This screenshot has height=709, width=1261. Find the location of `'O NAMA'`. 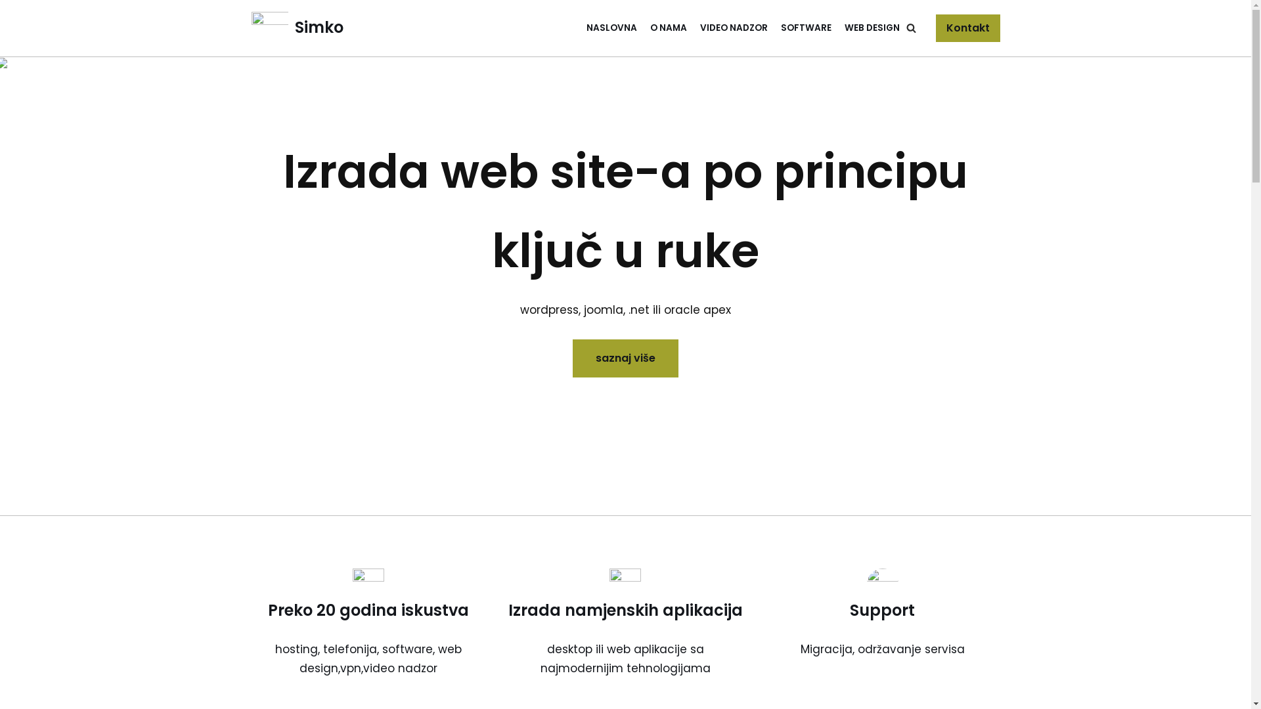

'O NAMA' is located at coordinates (668, 28).